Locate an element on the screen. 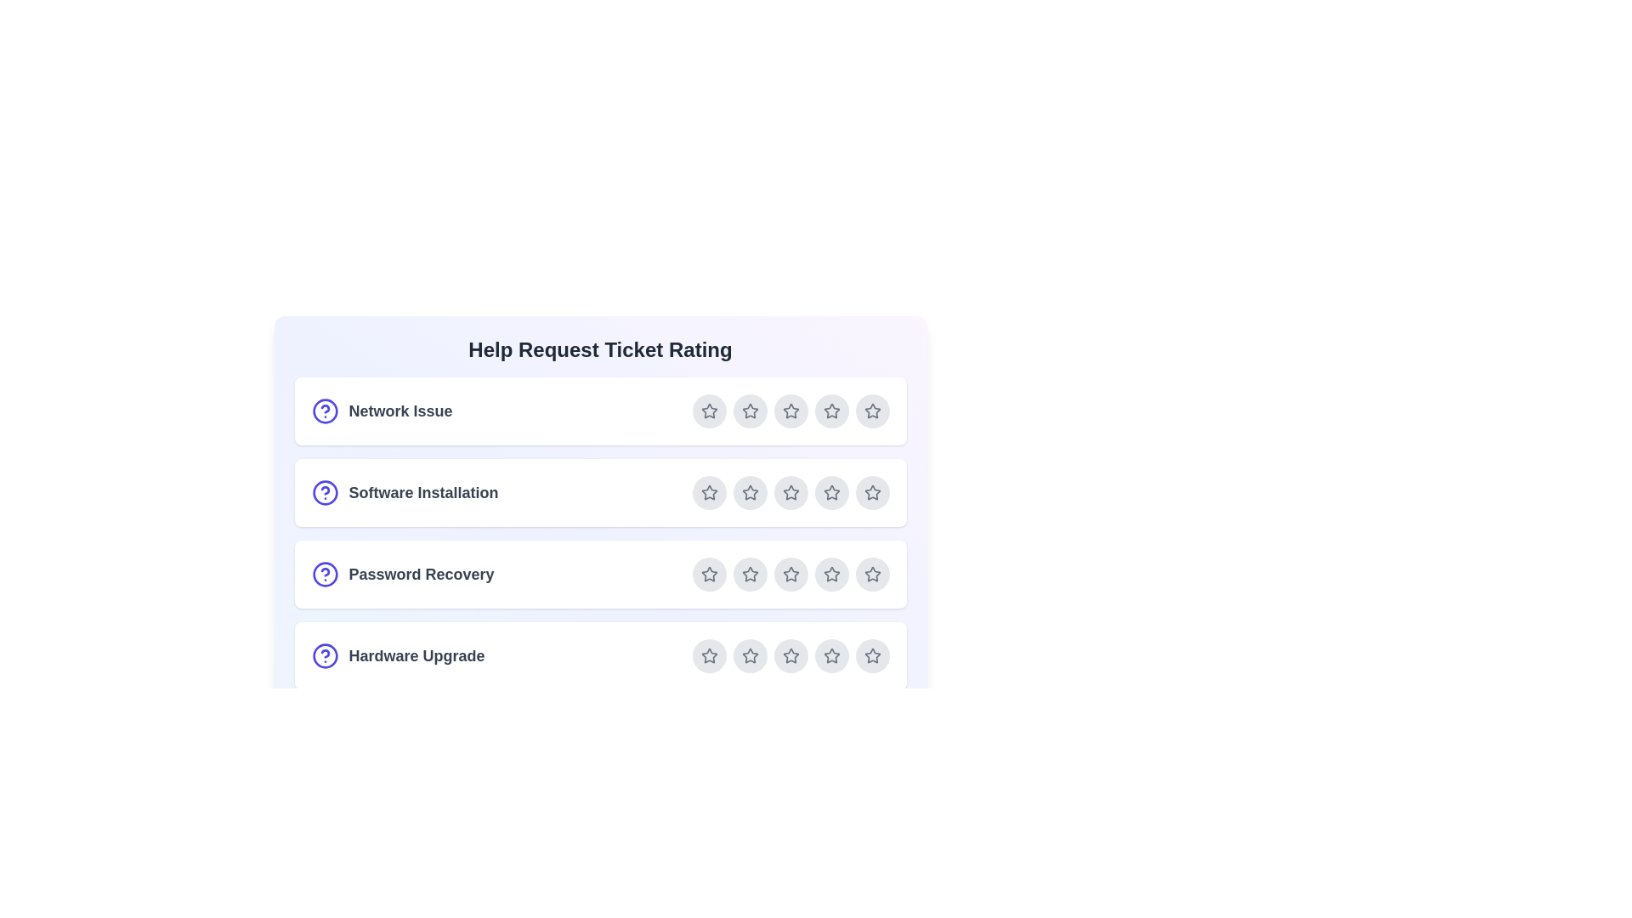 The height and width of the screenshot is (918, 1632). the star corresponding to 1 for the ticket Network Issue is located at coordinates (709, 411).